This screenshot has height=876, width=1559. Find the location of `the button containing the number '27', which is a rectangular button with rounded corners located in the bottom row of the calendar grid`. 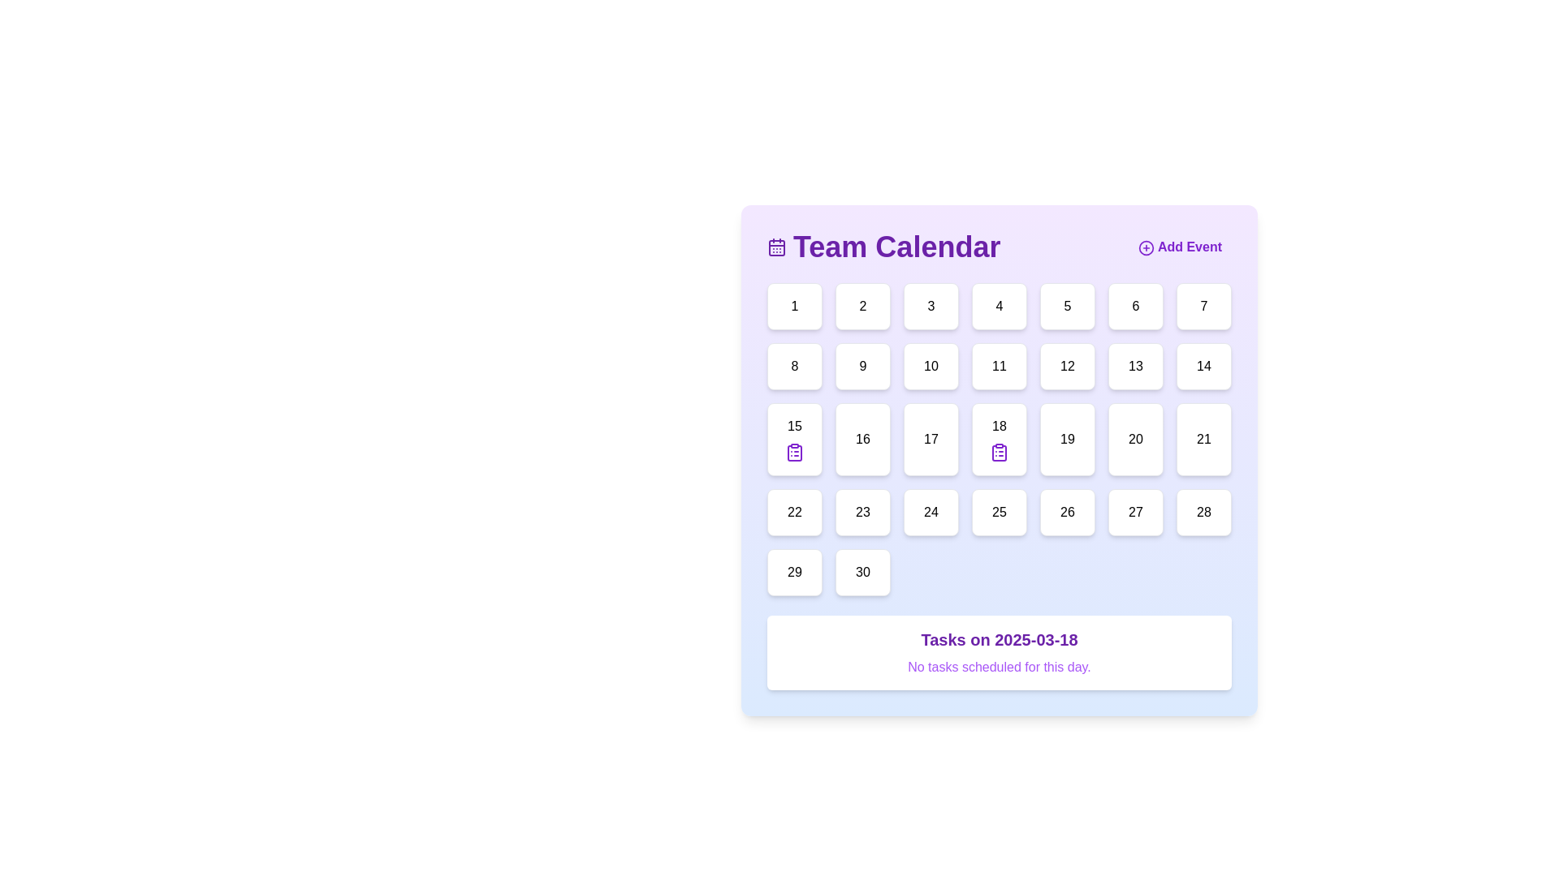

the button containing the number '27', which is a rectangular button with rounded corners located in the bottom row of the calendar grid is located at coordinates (1134, 513).